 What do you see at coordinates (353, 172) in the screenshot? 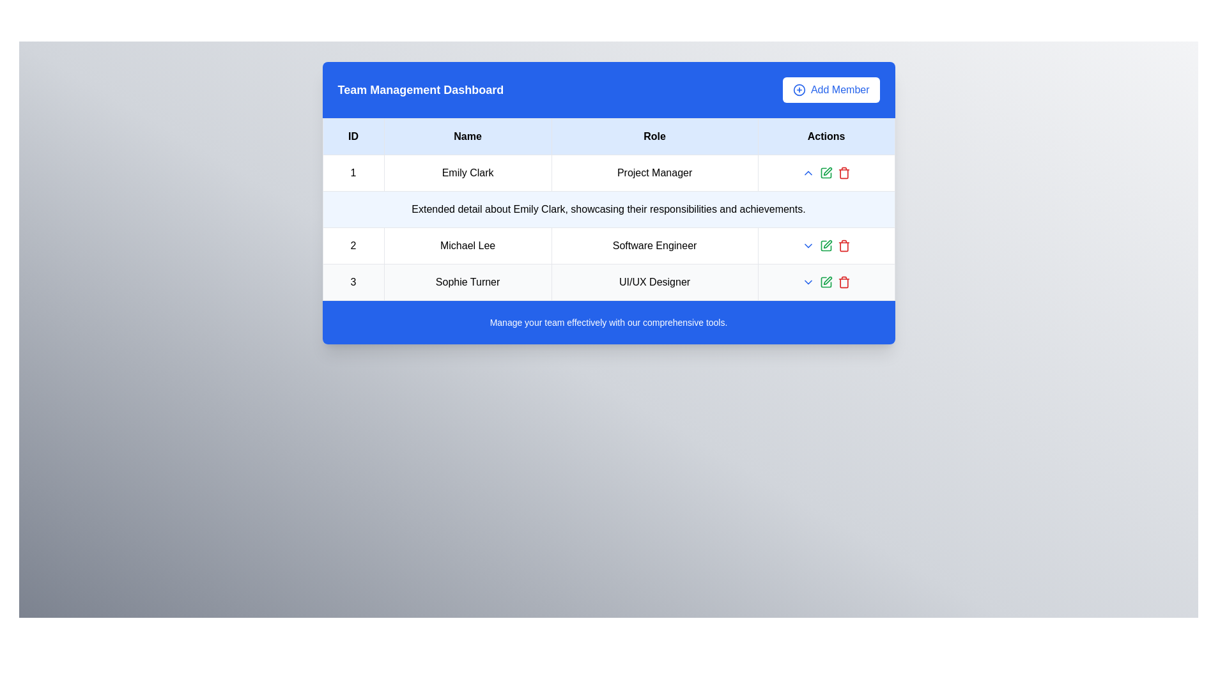
I see `the table cell containing the number '1' in the first column of the row for 'Emily Clark' programmatically` at bounding box center [353, 172].